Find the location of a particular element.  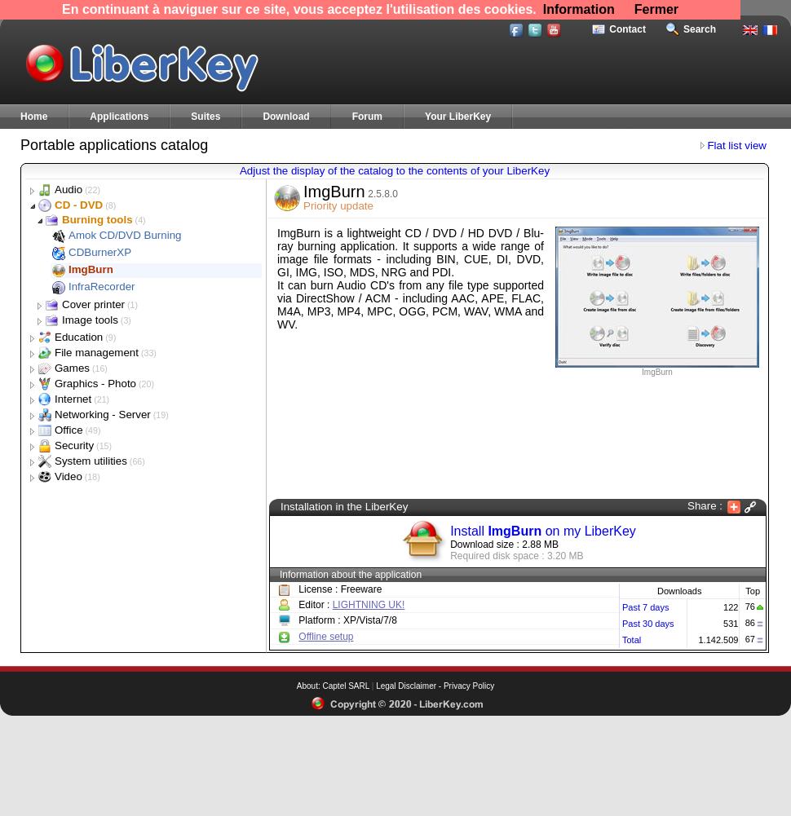

'(16)' is located at coordinates (97, 368).